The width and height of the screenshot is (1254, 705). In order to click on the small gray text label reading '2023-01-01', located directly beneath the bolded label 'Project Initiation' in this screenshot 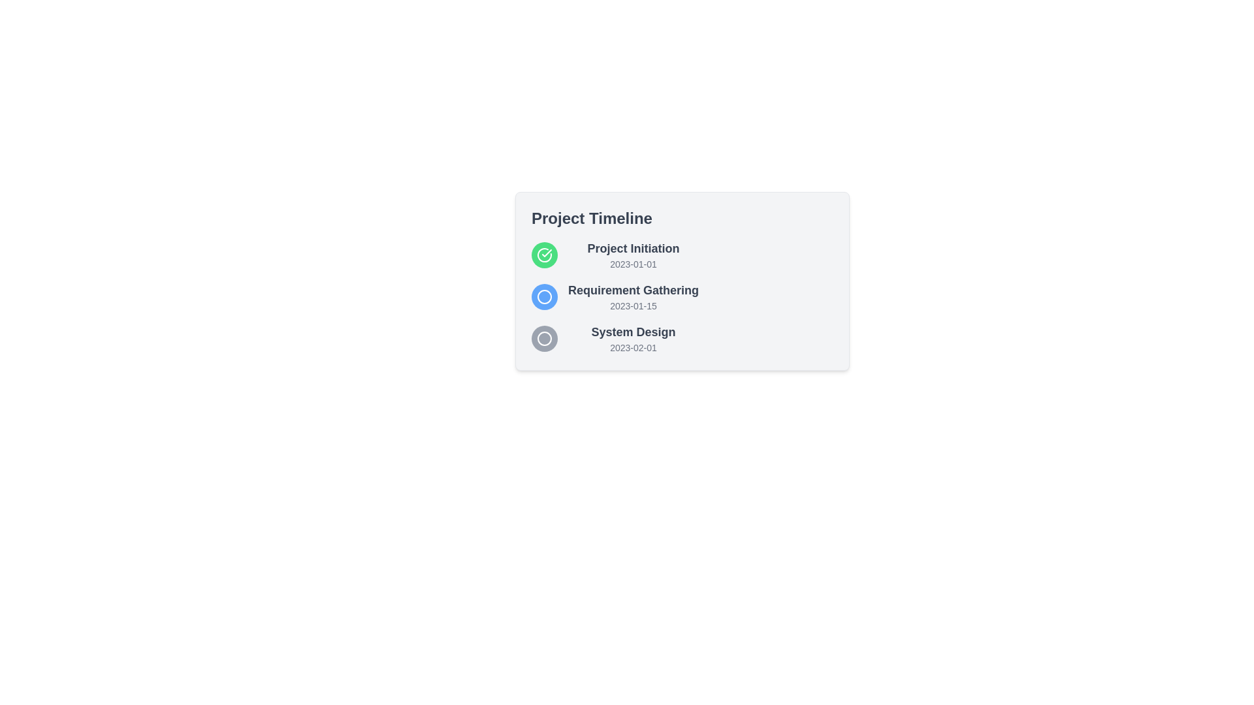, I will do `click(633, 264)`.